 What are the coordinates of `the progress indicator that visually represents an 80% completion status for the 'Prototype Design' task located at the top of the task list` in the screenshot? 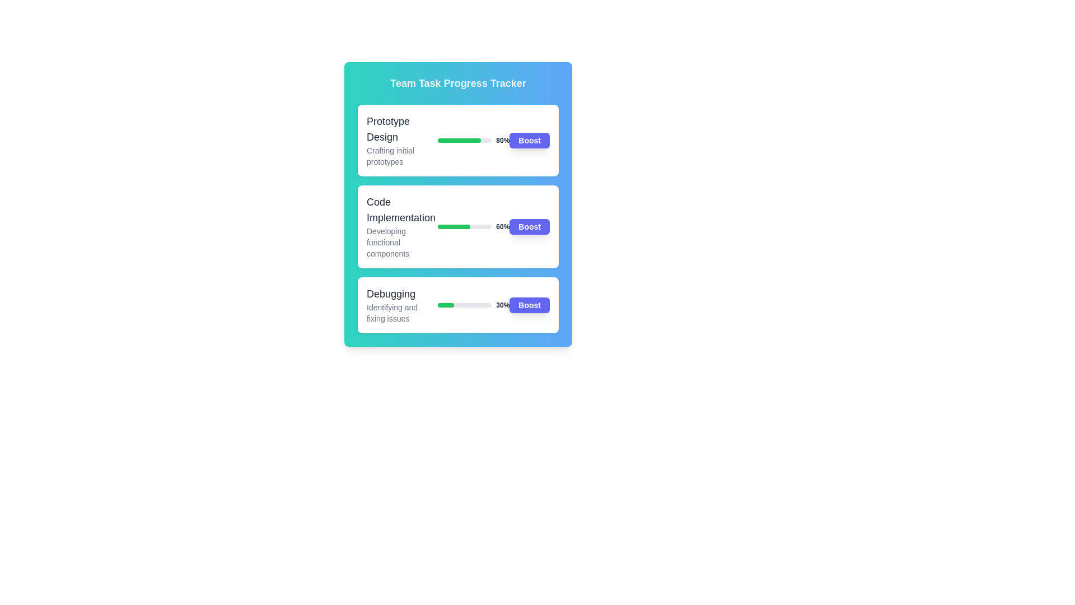 It's located at (459, 139).